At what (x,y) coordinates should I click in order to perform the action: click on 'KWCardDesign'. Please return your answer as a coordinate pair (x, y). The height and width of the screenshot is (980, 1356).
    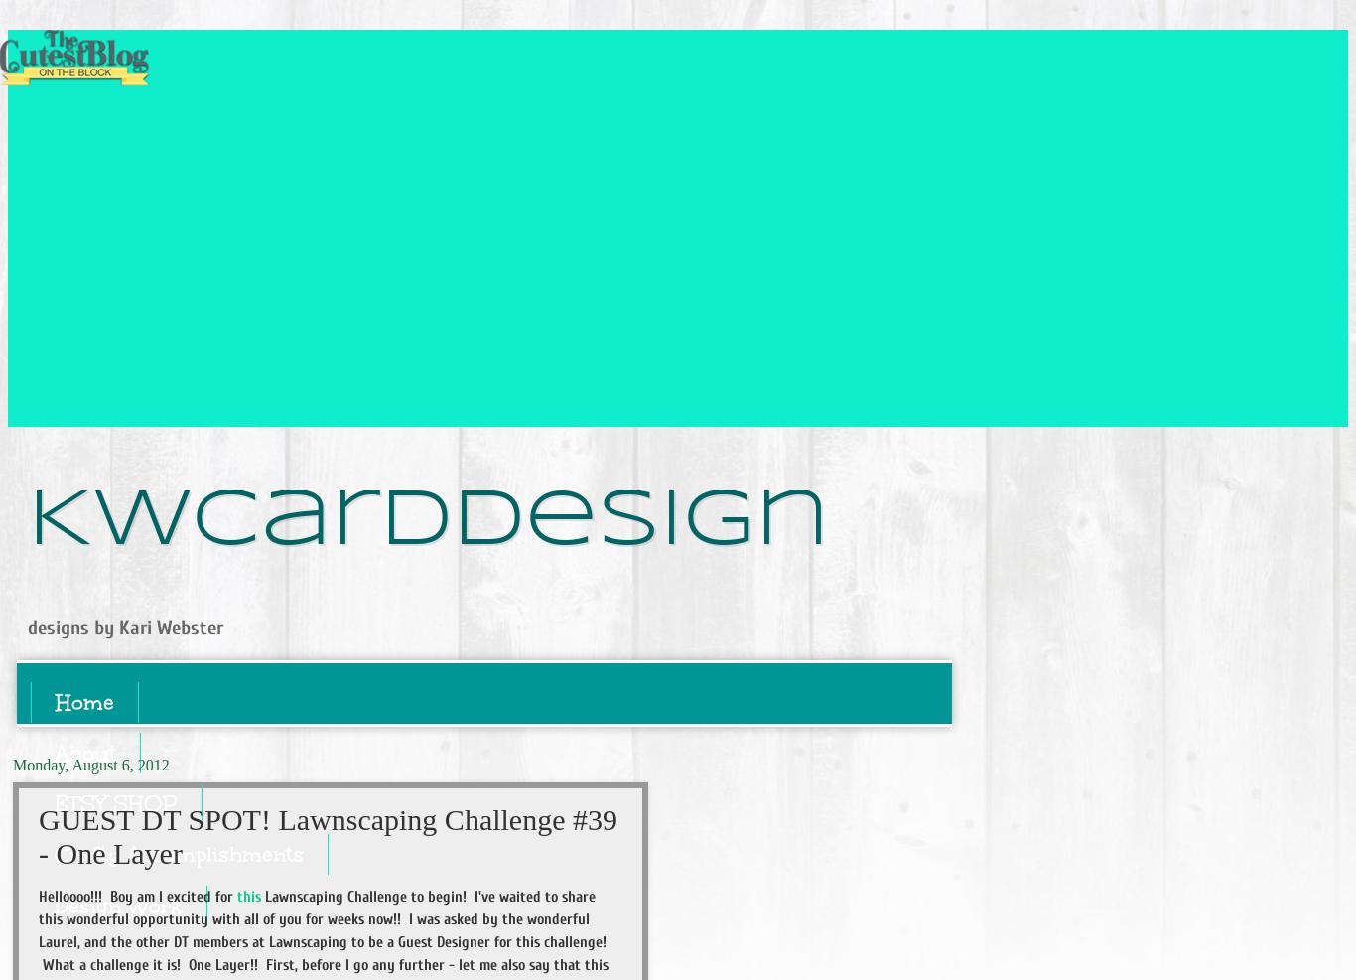
    Looking at the image, I should click on (428, 520).